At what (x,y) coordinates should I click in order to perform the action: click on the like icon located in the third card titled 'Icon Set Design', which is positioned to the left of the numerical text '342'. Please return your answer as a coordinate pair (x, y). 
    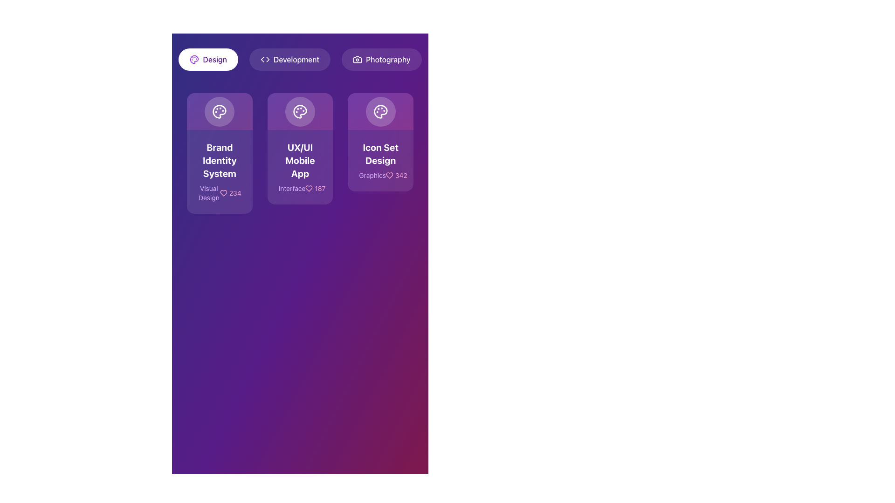
    Looking at the image, I should click on (389, 176).